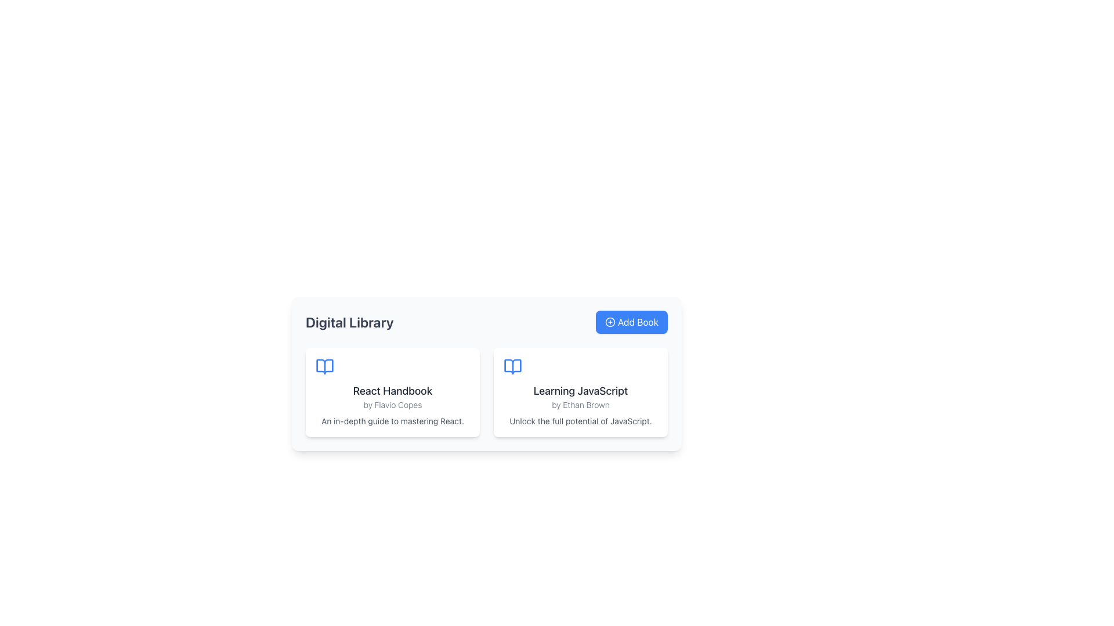 The width and height of the screenshot is (1114, 626). Describe the element at coordinates (581, 421) in the screenshot. I see `the text label reading 'Unlock the full potential of JavaScript.' located at the bottom of the card layout on the right side of the interface` at that location.